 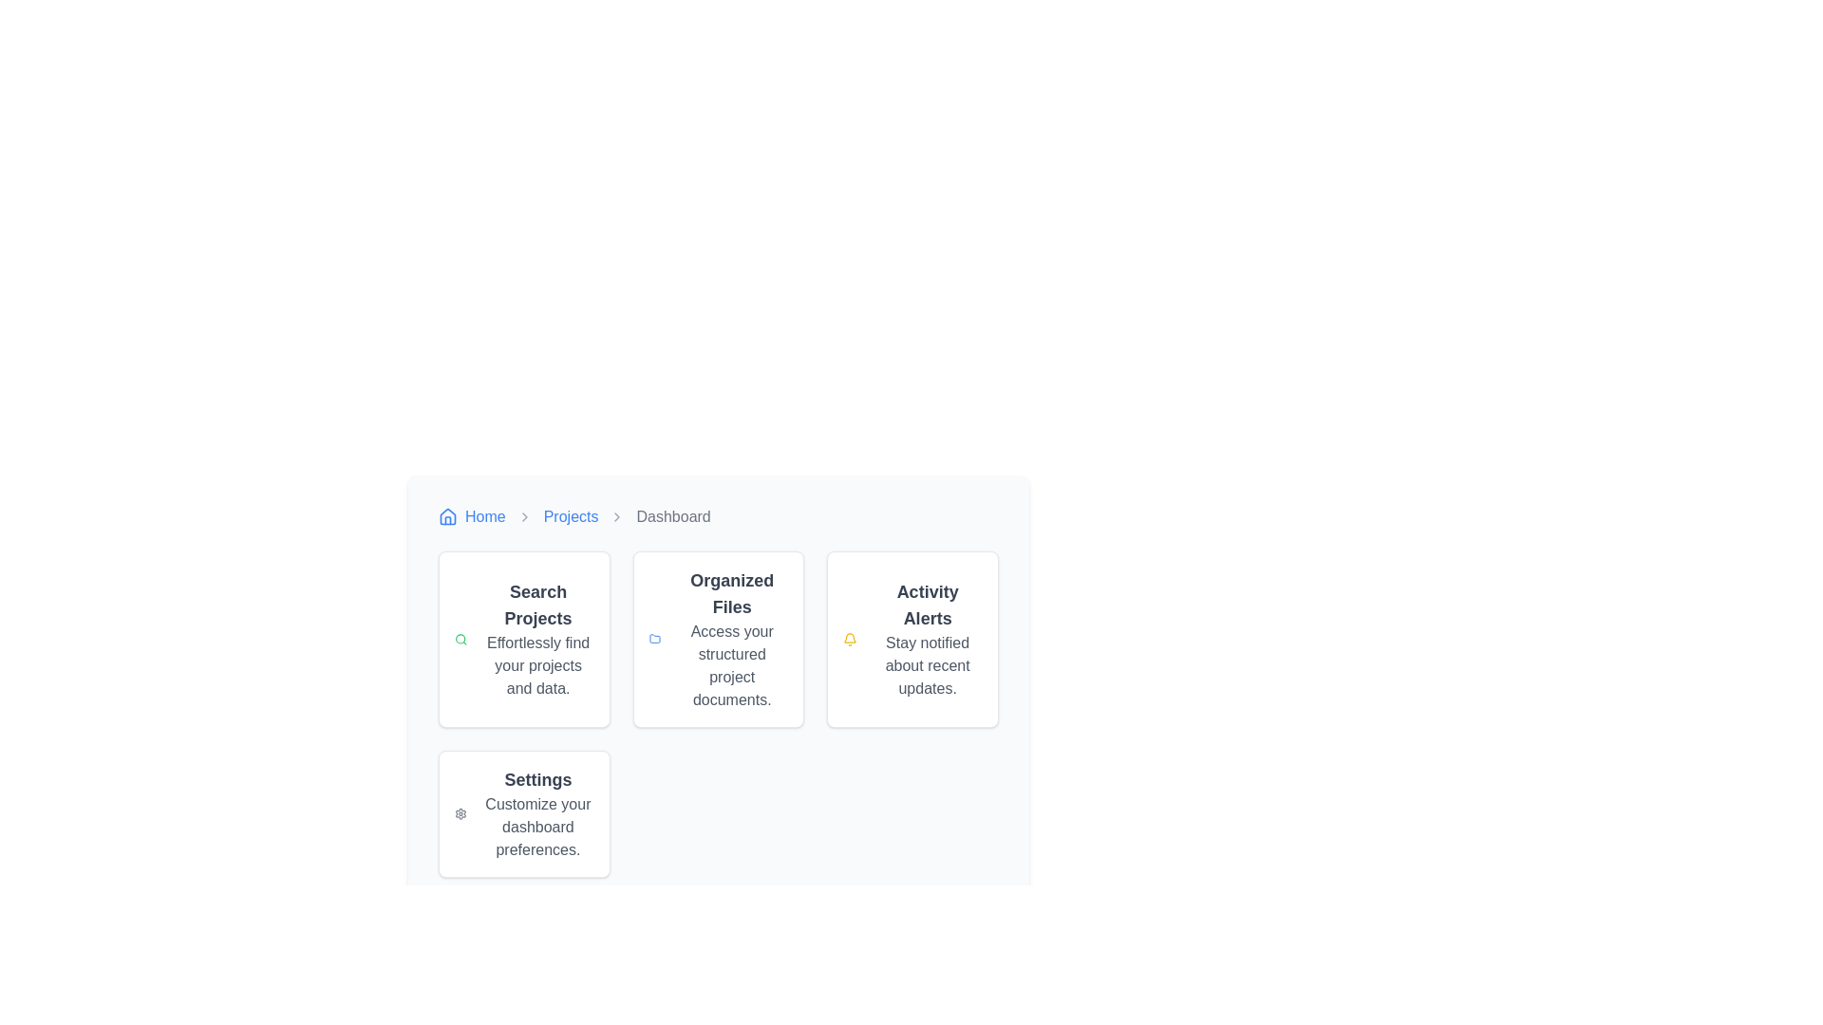 What do you see at coordinates (654, 639) in the screenshot?
I see `the blue folder-shaped SVG graphic icon located in the 'Organized Files' section of the UI, which serves an illustrative purpose` at bounding box center [654, 639].